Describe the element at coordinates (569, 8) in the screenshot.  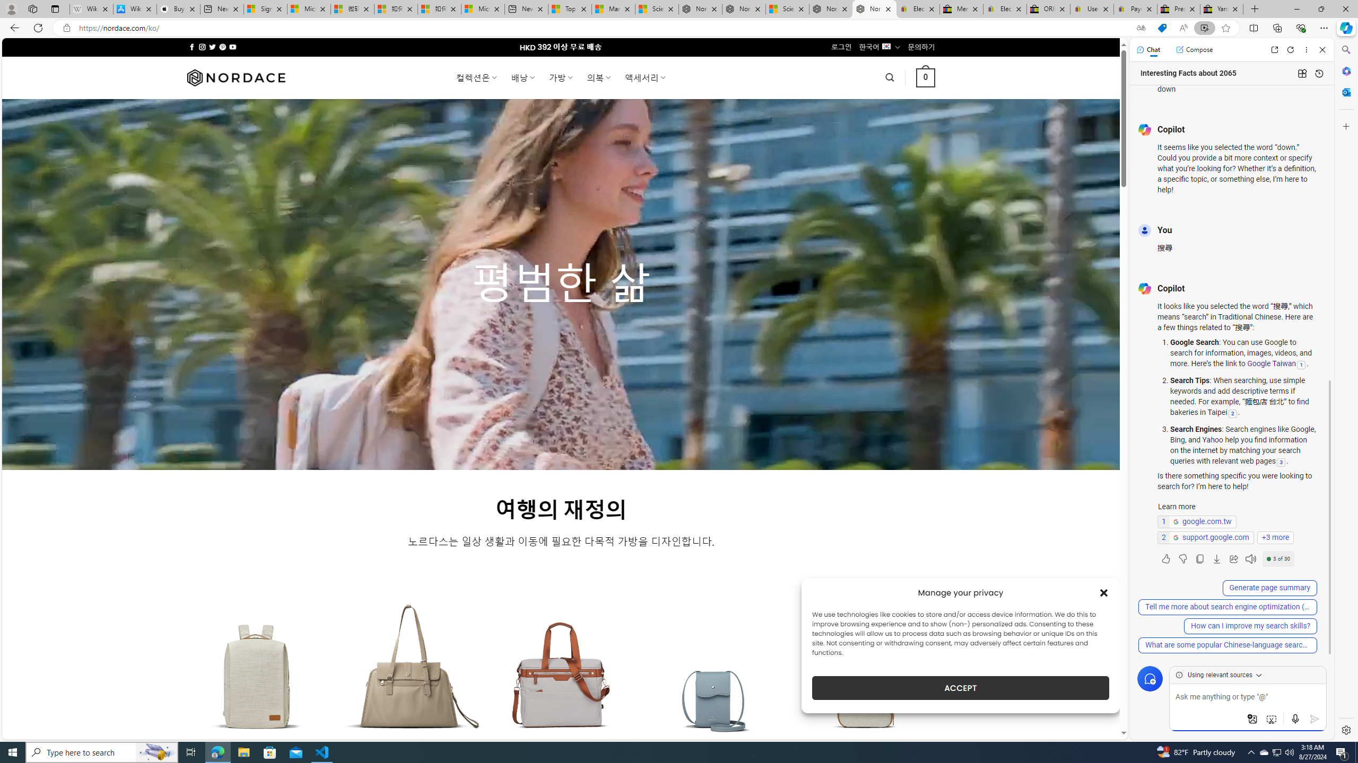
I see `'Top Stories - MSN'` at that location.